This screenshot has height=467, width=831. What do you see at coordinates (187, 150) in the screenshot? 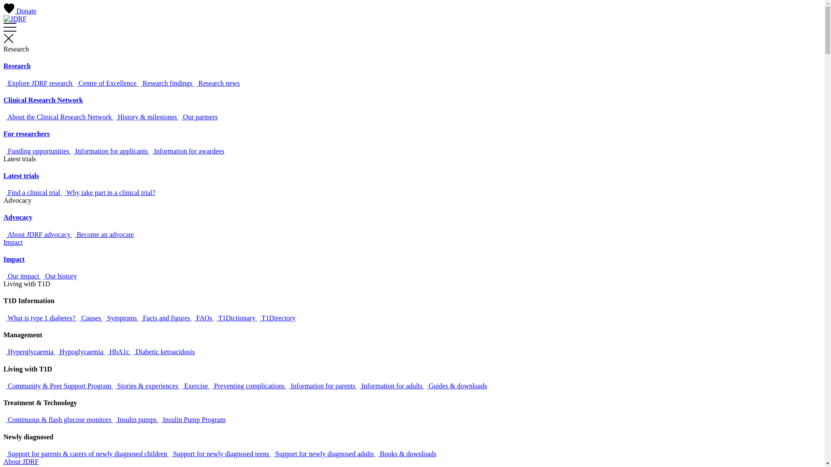
I see `'Information for awardees'` at bounding box center [187, 150].